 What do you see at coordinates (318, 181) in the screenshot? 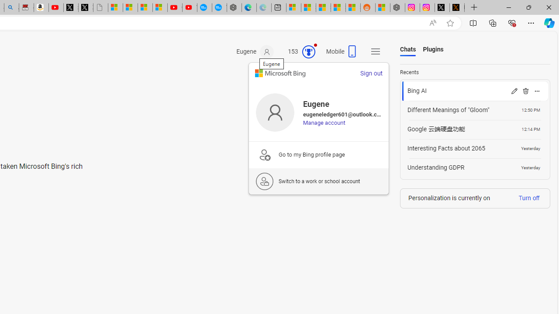
I see `'Switch to a work or school account'` at bounding box center [318, 181].